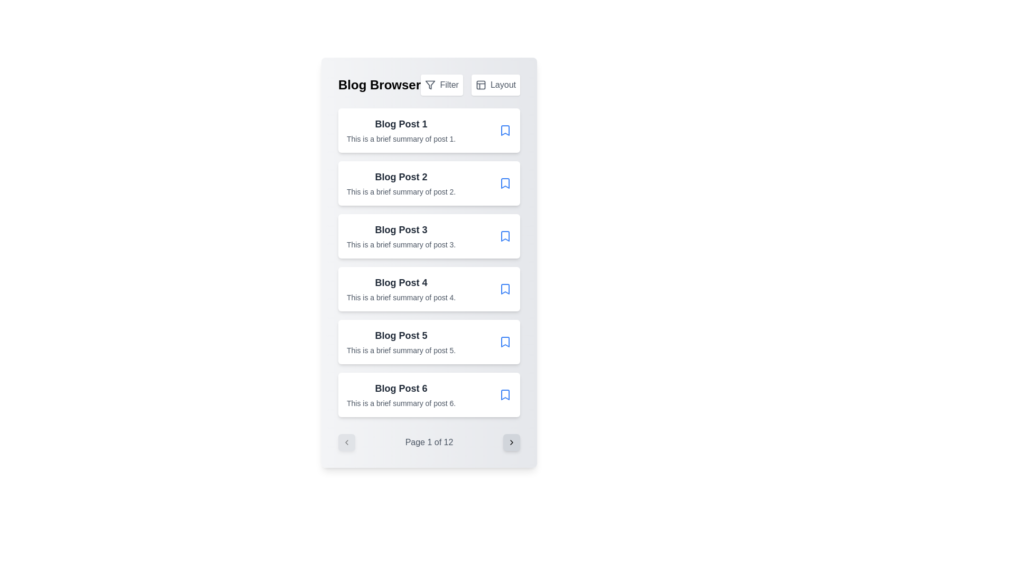  I want to click on the pagination control button located at the bottom left of the pagination section, so click(347, 443).